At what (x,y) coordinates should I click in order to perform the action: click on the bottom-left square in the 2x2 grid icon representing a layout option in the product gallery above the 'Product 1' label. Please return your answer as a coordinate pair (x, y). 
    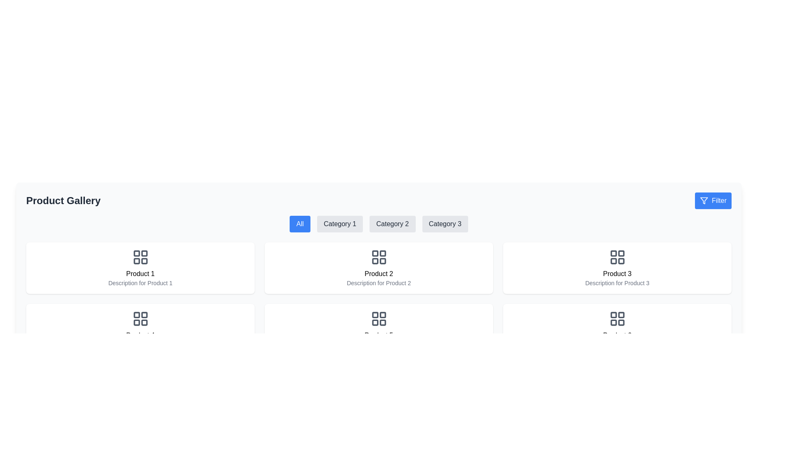
    Looking at the image, I should click on (136, 261).